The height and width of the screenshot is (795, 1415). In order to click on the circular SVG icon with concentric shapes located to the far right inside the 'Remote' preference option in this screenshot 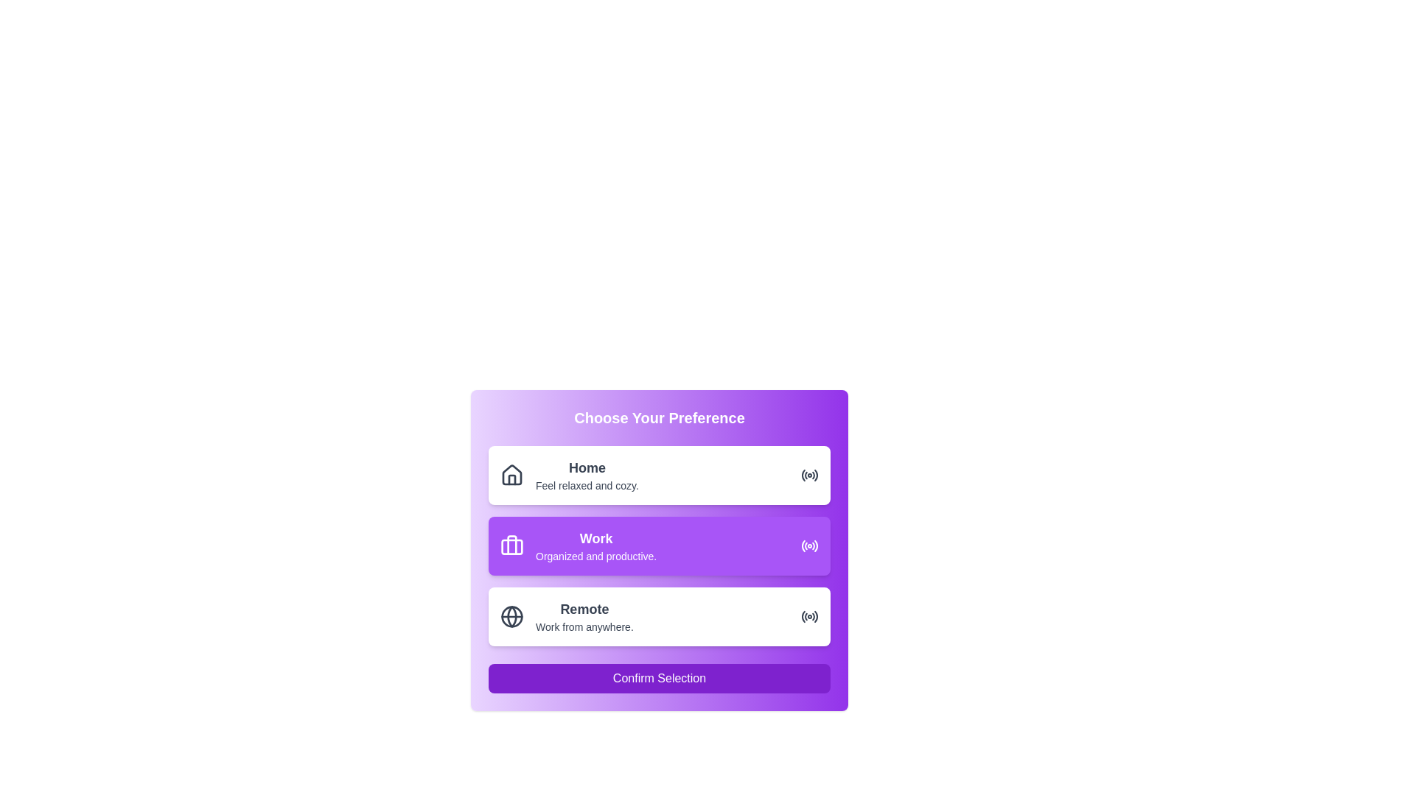, I will do `click(809, 616)`.